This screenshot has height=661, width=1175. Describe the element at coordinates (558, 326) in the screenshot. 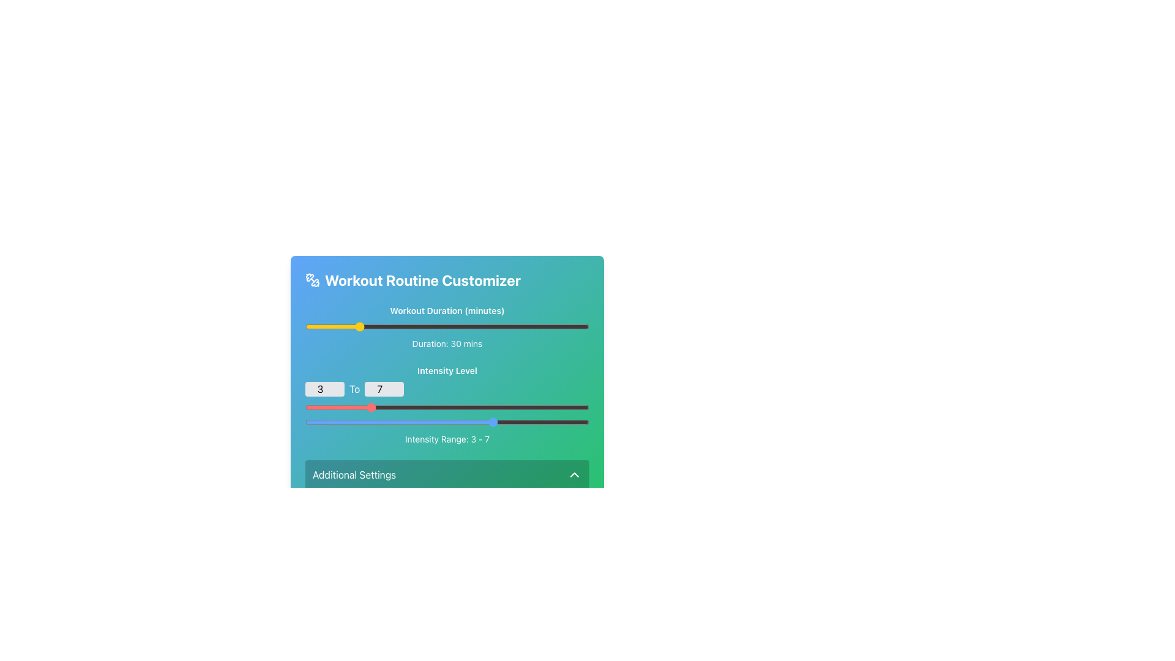

I see `workout duration` at that location.